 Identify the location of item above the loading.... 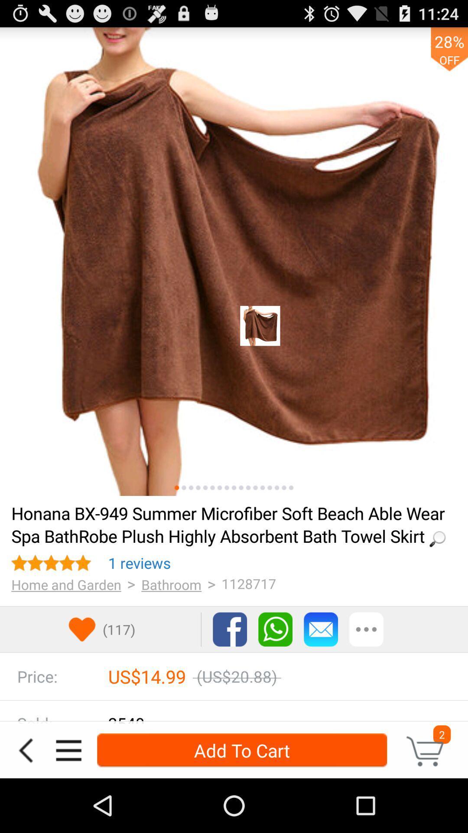
(219, 488).